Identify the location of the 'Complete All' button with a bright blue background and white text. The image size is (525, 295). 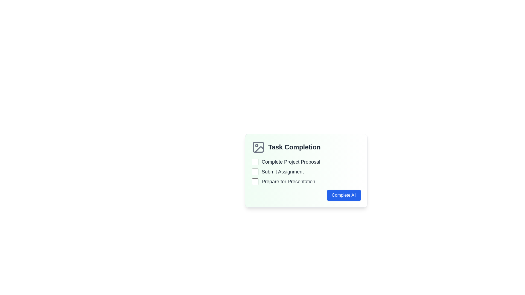
(344, 195).